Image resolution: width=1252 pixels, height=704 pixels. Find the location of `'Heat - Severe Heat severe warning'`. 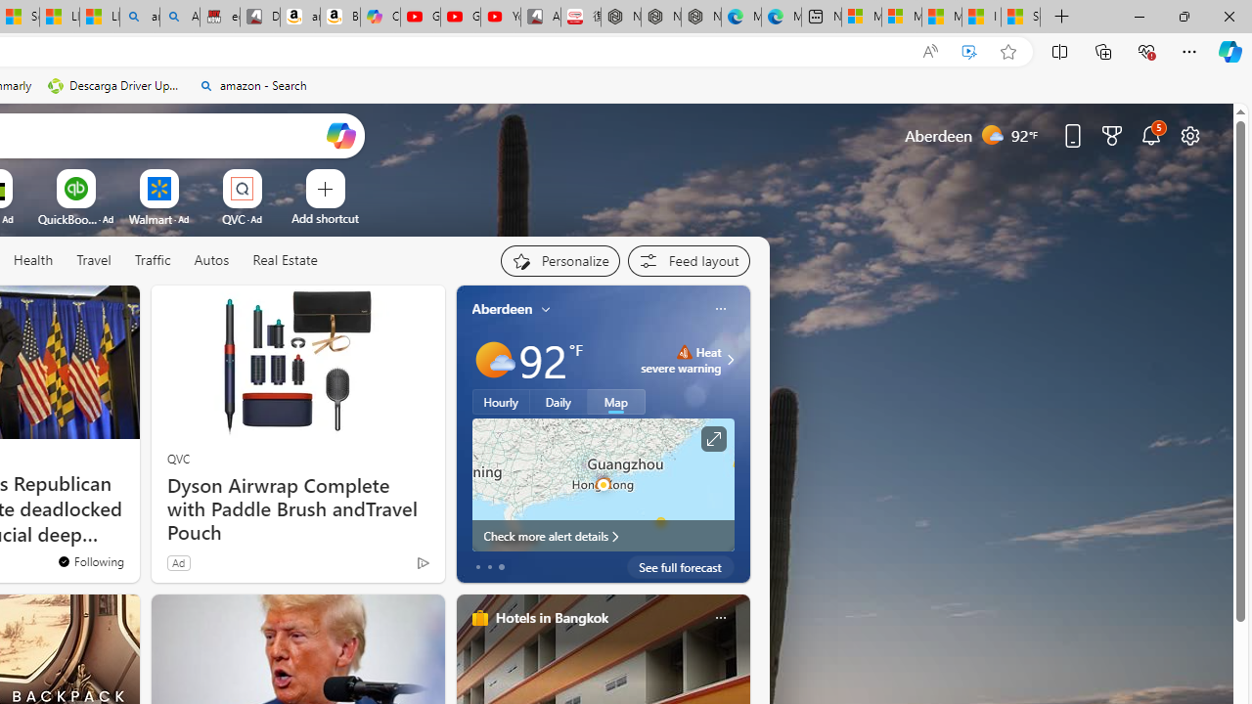

'Heat - Severe Heat severe warning' is located at coordinates (681, 359).